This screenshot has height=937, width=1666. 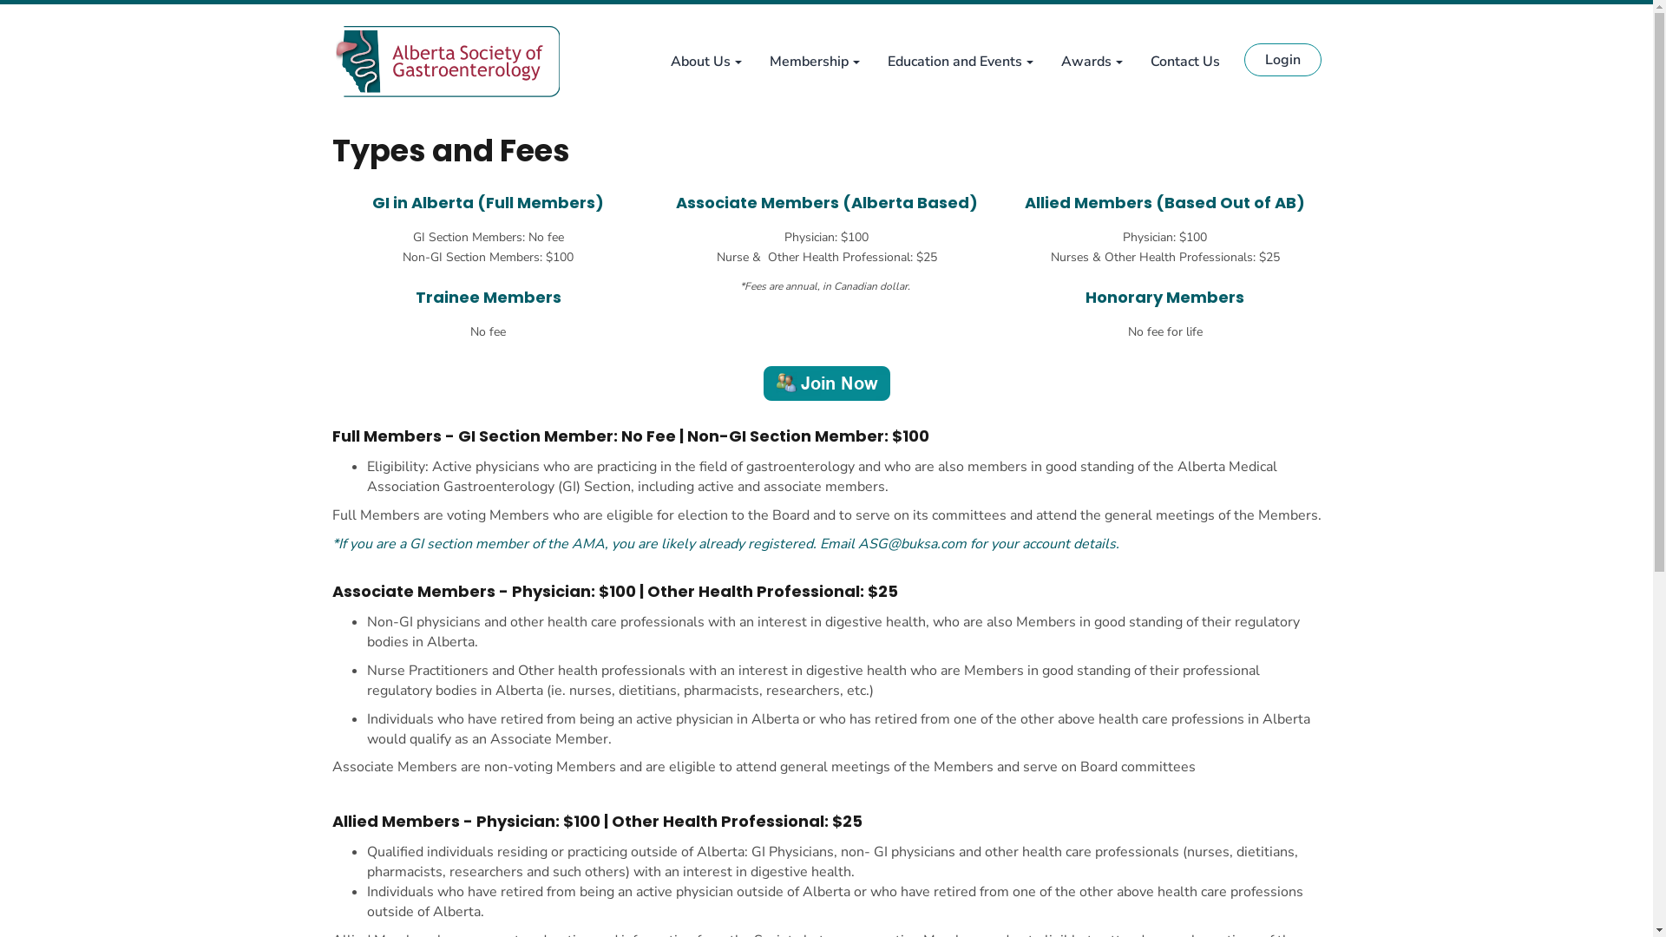 I want to click on 'Education and Events', so click(x=958, y=60).